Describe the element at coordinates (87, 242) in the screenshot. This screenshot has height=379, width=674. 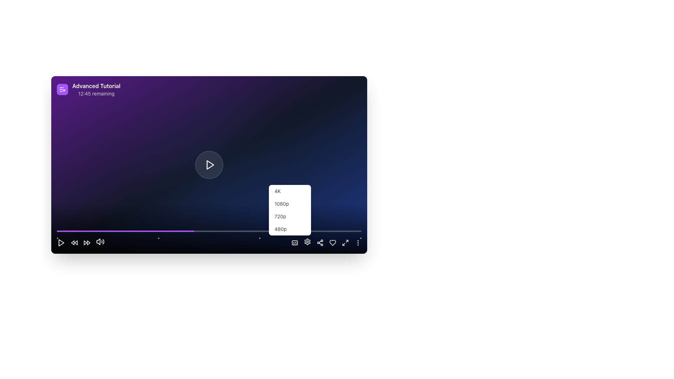
I see `the skip forward button, which is the third interactive control in the group at the bottom left corner of the video player` at that location.